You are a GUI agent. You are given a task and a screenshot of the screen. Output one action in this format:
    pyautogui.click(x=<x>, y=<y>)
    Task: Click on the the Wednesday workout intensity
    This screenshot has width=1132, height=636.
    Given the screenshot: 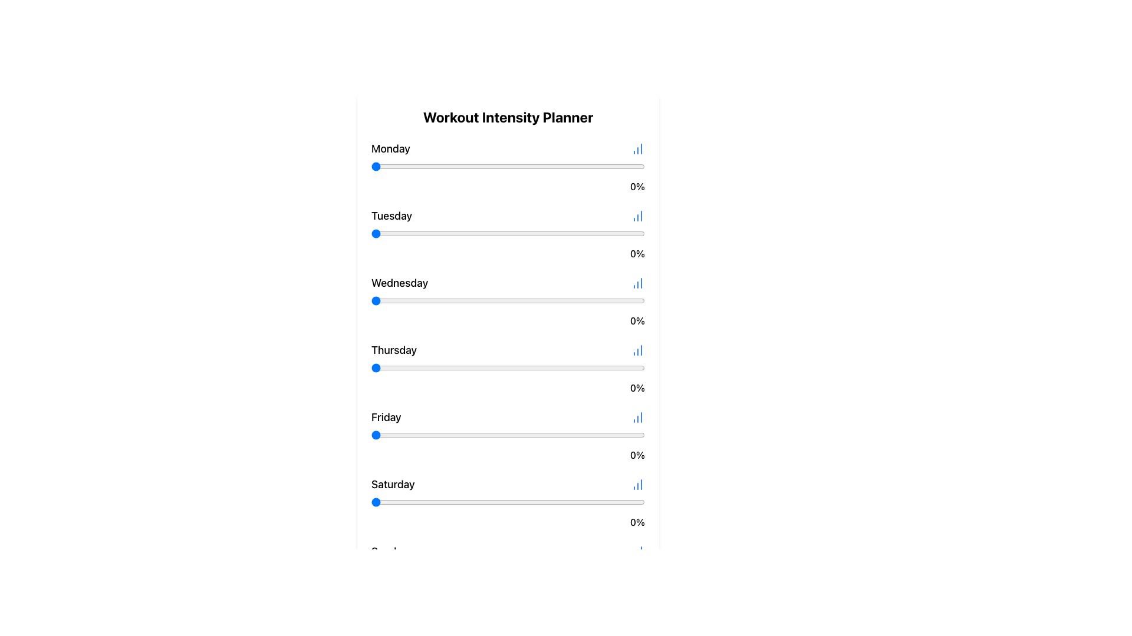 What is the action you would take?
    pyautogui.click(x=524, y=300)
    